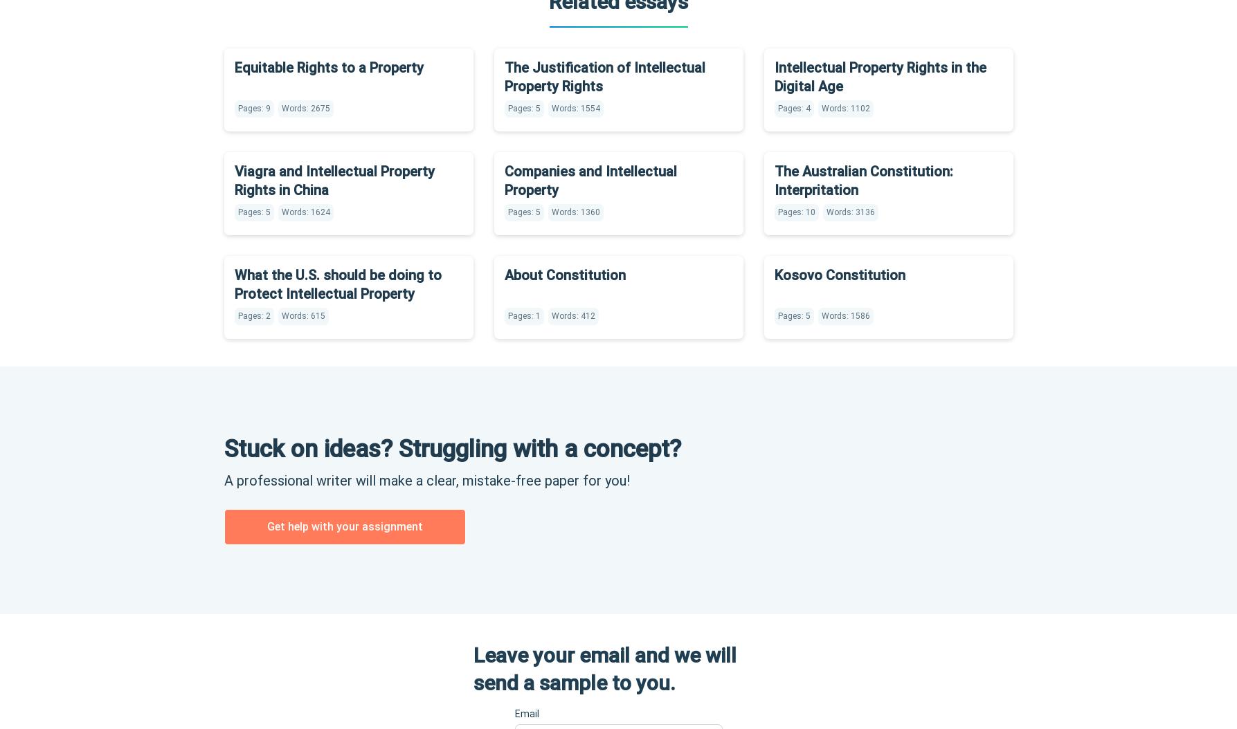 Image resolution: width=1237 pixels, height=729 pixels. What do you see at coordinates (504, 76) in the screenshot?
I see `'The Justification of Intellectual Property Rights'` at bounding box center [504, 76].